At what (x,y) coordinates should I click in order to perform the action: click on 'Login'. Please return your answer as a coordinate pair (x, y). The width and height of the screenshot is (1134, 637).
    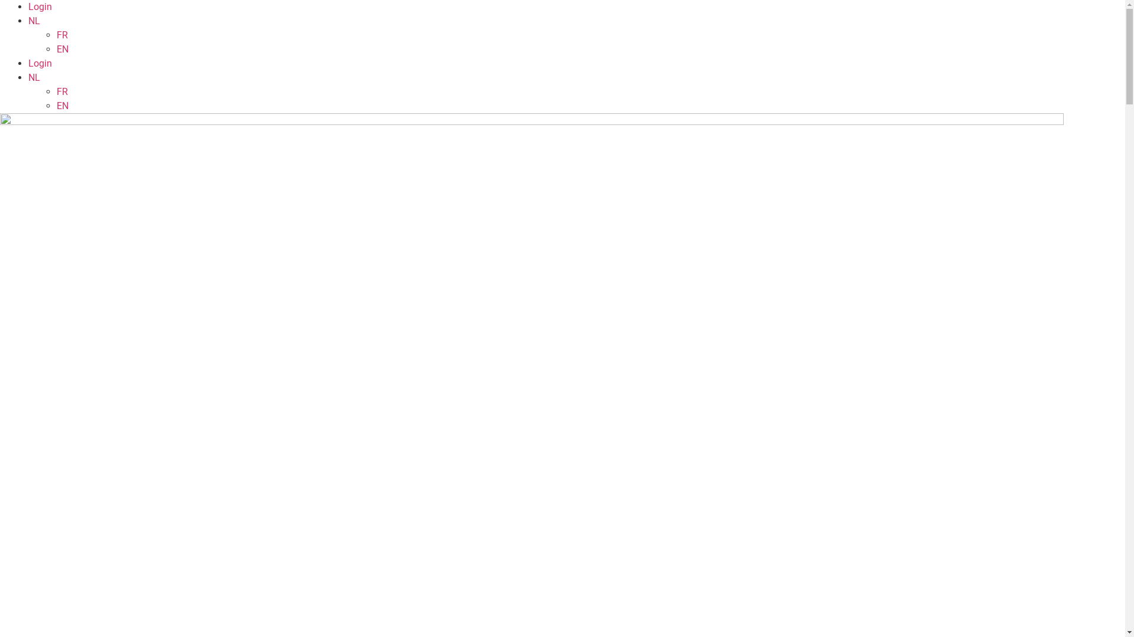
    Looking at the image, I should click on (40, 6).